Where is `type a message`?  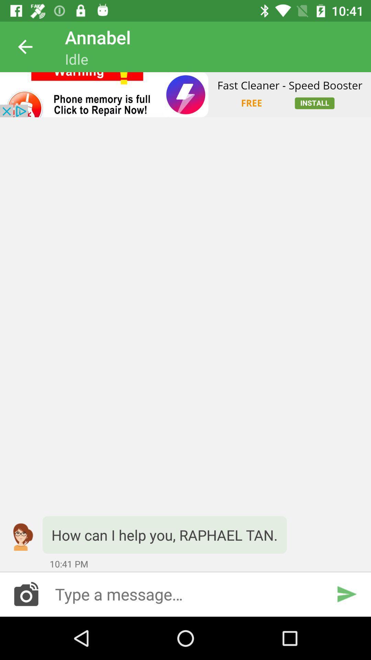 type a message is located at coordinates (185, 594).